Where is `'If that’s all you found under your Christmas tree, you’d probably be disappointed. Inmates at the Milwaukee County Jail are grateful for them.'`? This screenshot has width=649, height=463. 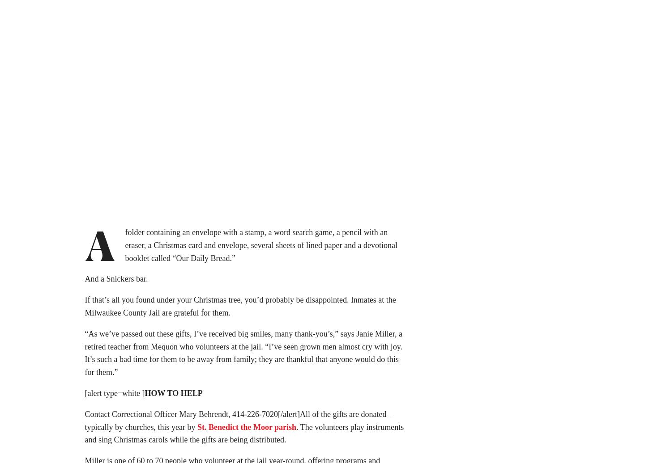
'If that’s all you found under your Christmas tree, you’d probably be disappointed. Inmates at the Milwaukee County Jail are grateful for them.' is located at coordinates (84, 309).